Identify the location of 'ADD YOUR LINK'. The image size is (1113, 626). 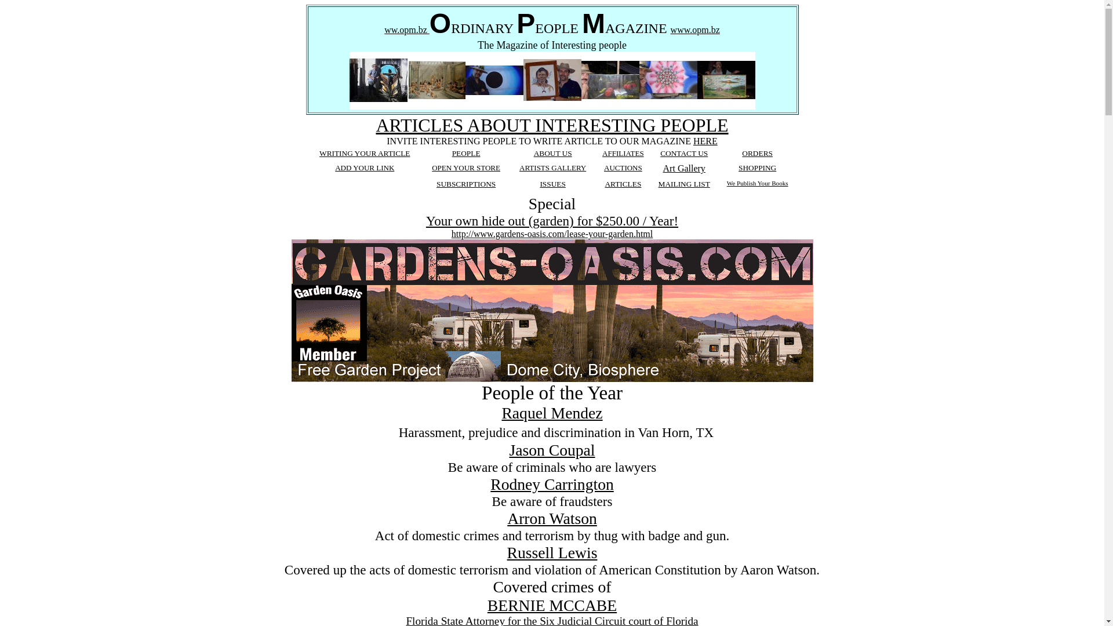
(363, 168).